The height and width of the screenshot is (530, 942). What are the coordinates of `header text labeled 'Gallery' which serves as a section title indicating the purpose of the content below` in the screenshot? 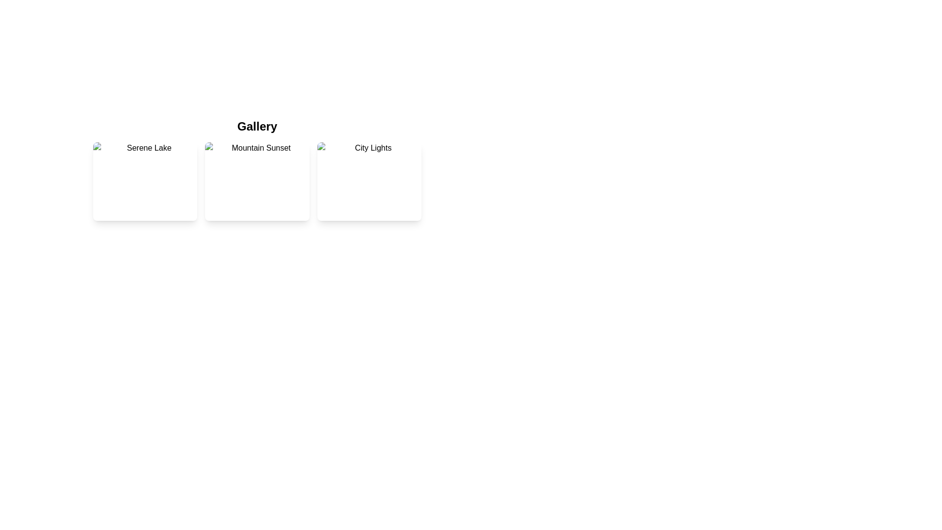 It's located at (257, 126).